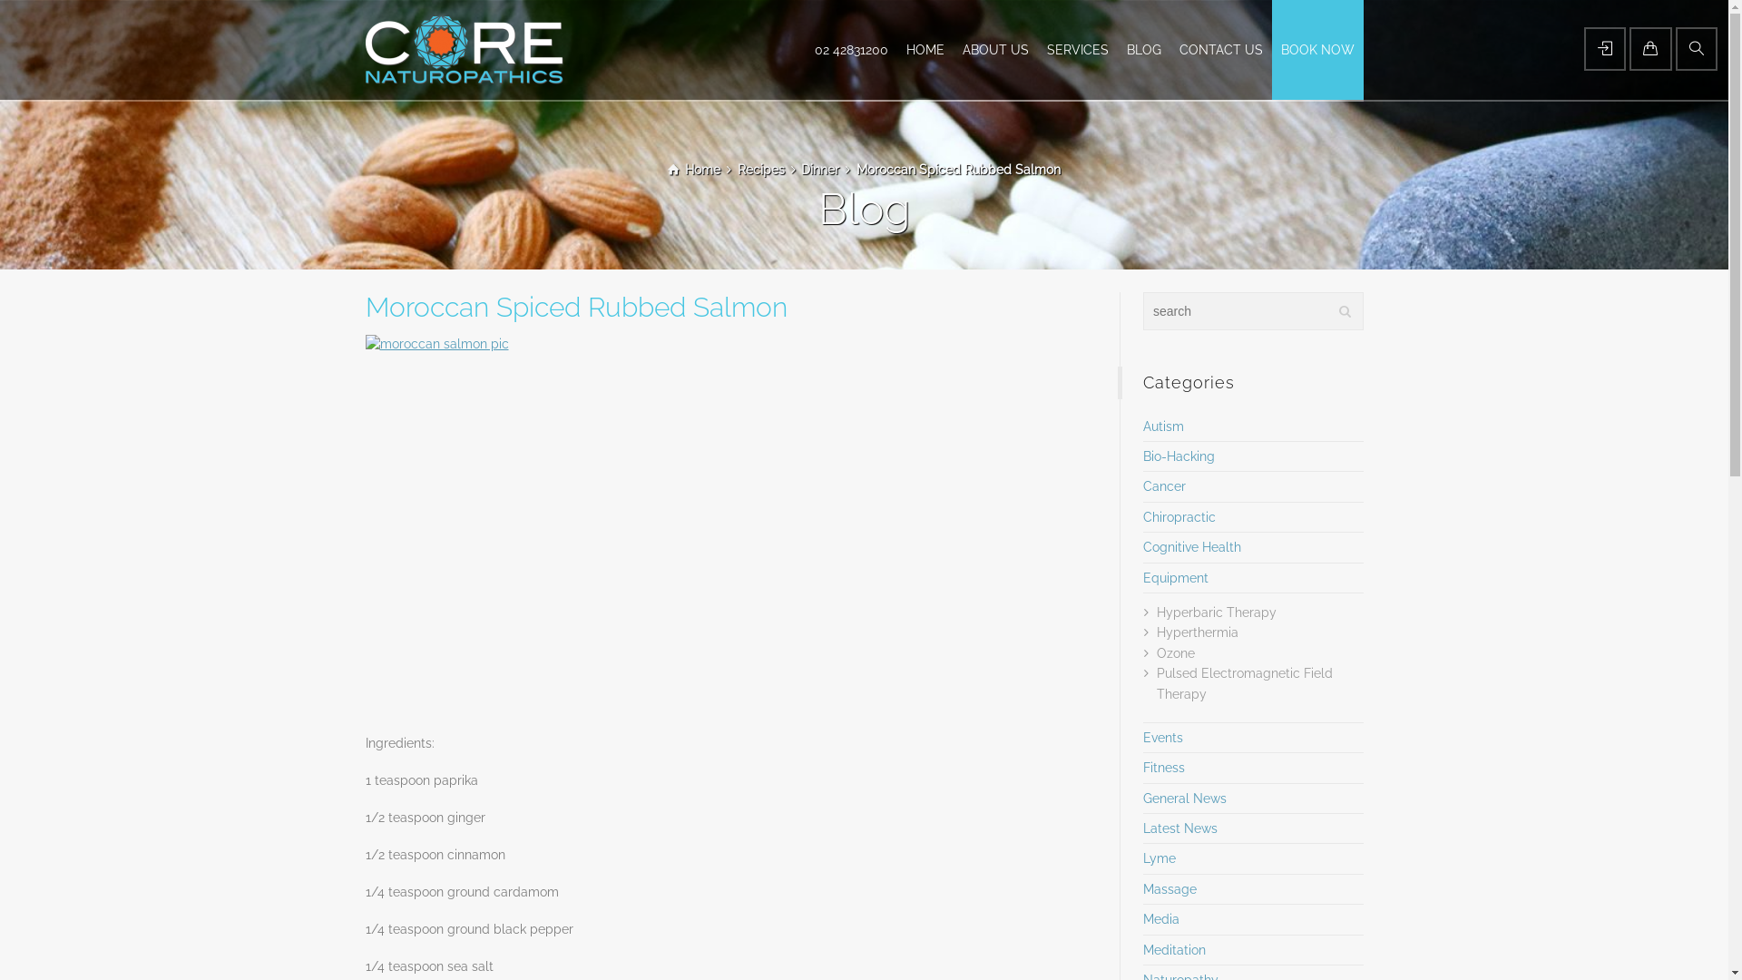  I want to click on 'Massage', so click(1141, 887).